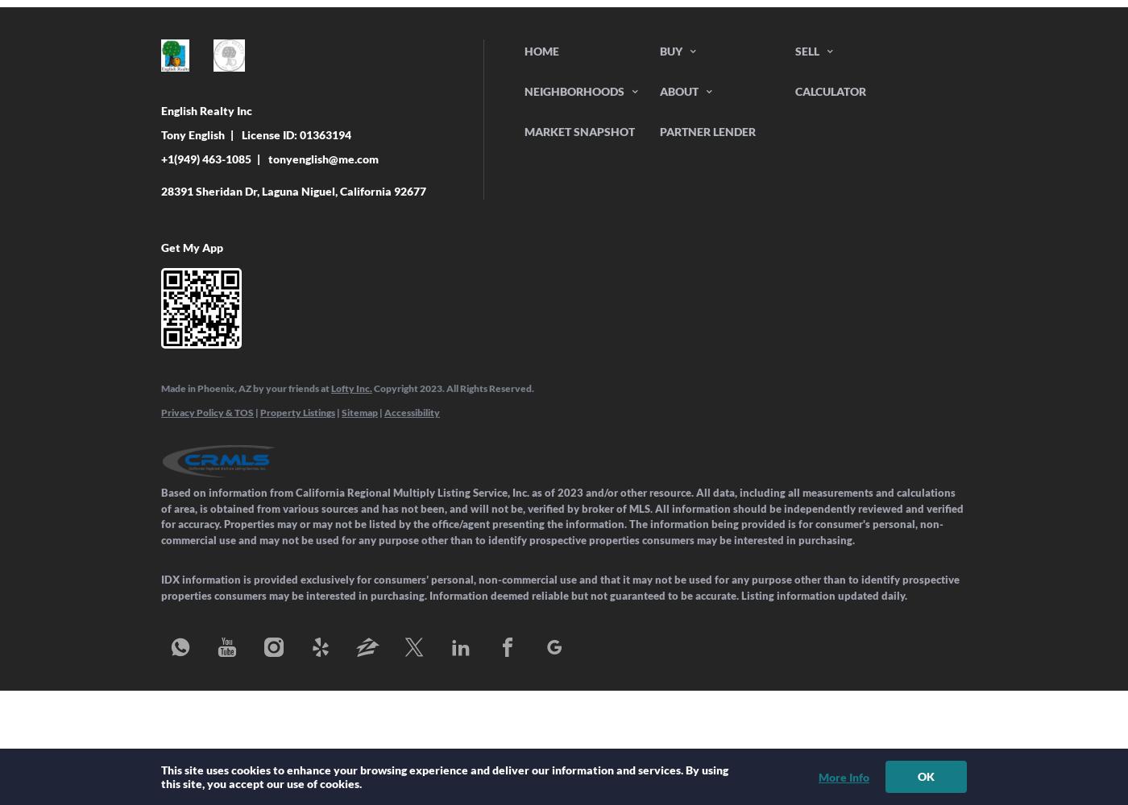  I want to click on 'Calculator', so click(830, 90).